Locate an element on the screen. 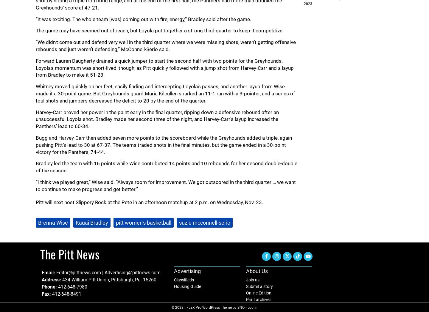 Image resolution: width=429 pixels, height=312 pixels. 'Forward Lauren Daugherty drained a quick jumper to start the second half with two points for the Greyhounds. Loyola’s momentum was short-lived, though, as Pitt quickly followed with a jump shot from Harvey-Carr and a layup from Bradley to make it 51-23.' is located at coordinates (164, 67).